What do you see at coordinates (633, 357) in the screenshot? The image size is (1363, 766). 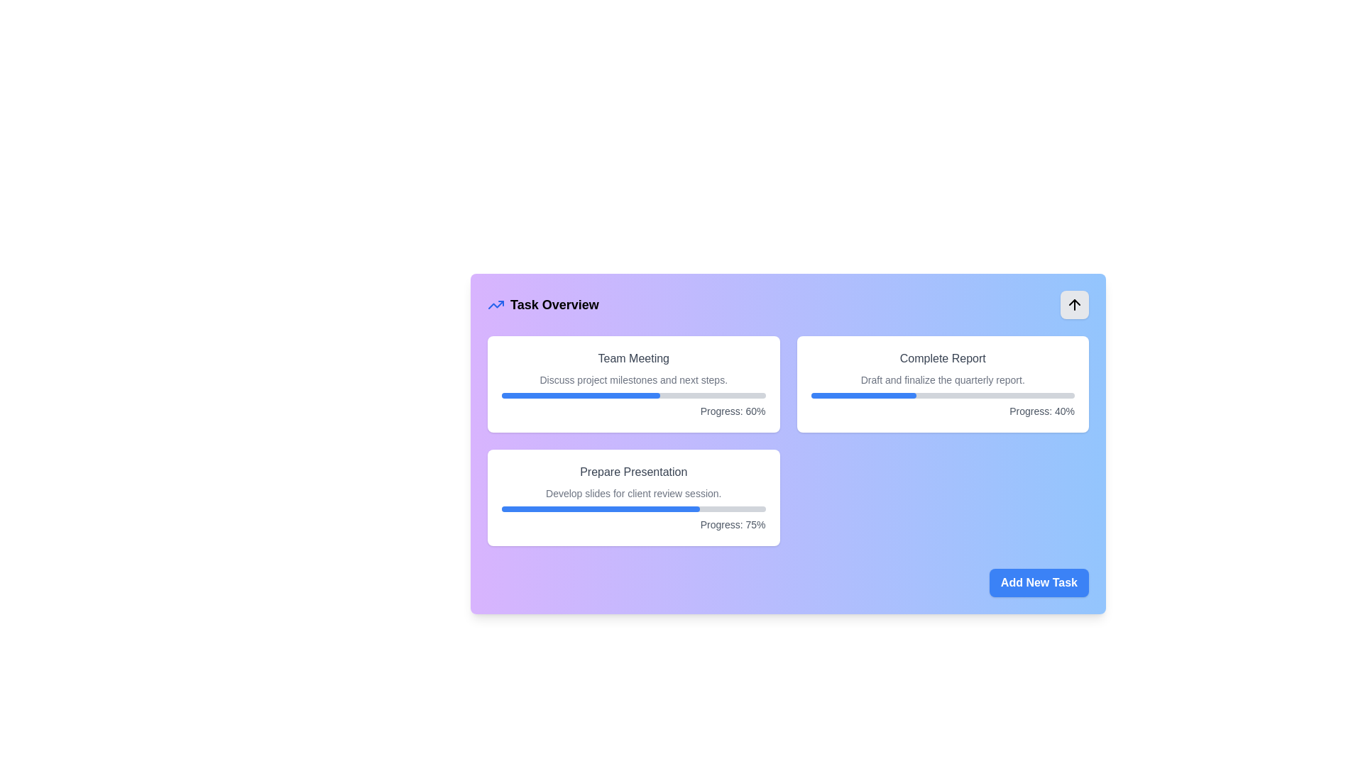 I see `title text of the task card located in the upper-left corner of the grid layout` at bounding box center [633, 357].